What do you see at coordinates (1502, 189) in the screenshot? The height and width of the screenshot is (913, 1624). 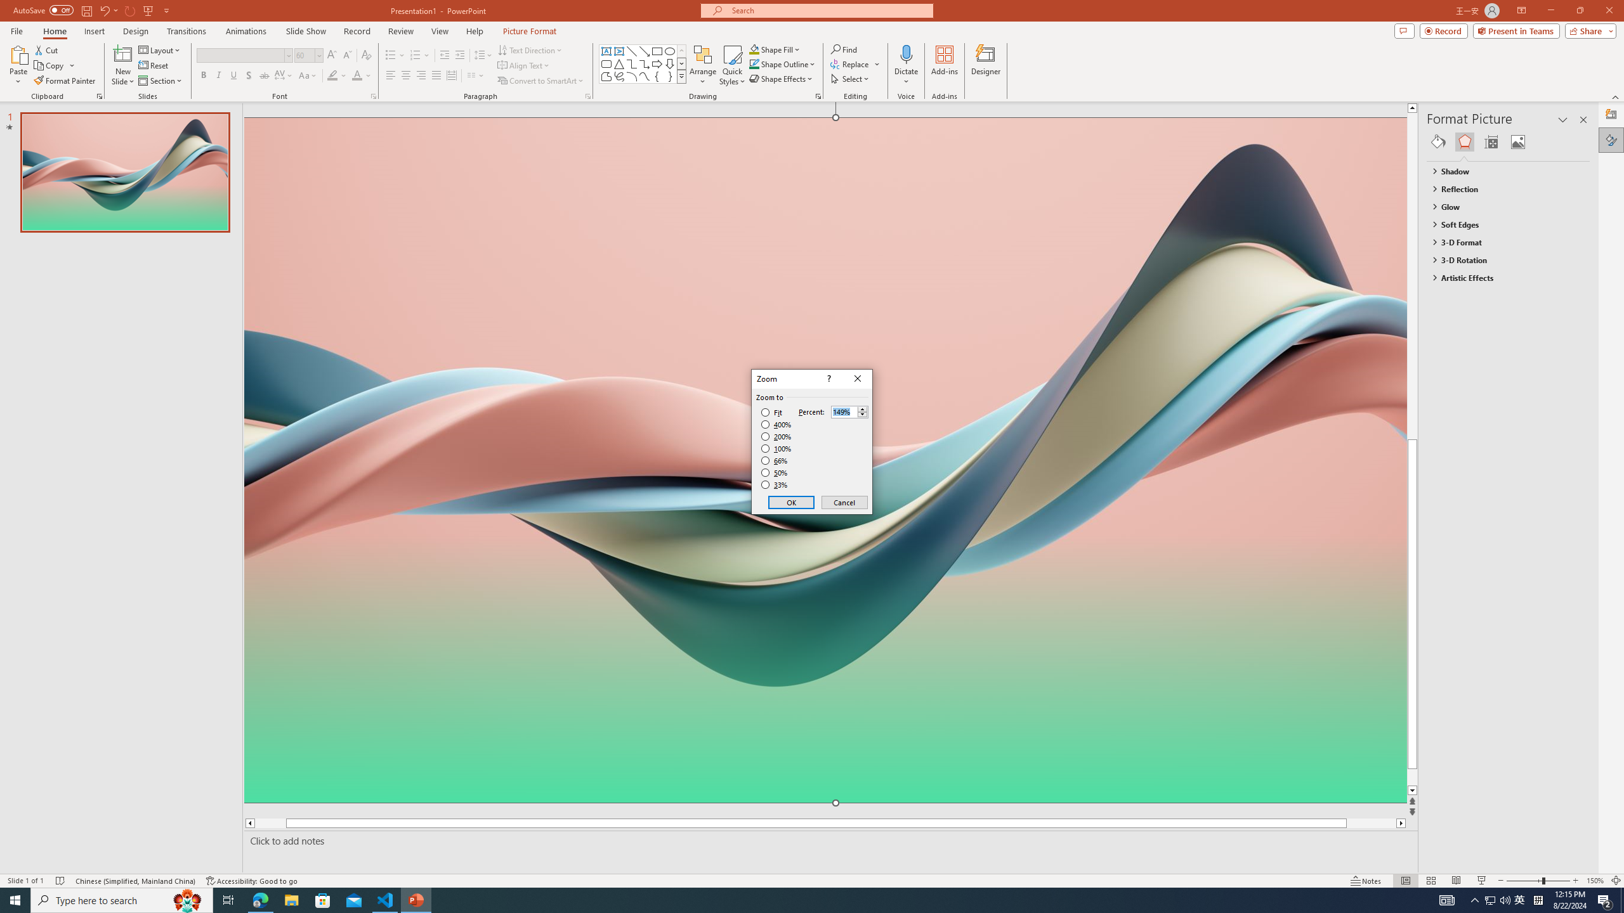 I see `'Reflection'` at bounding box center [1502, 189].